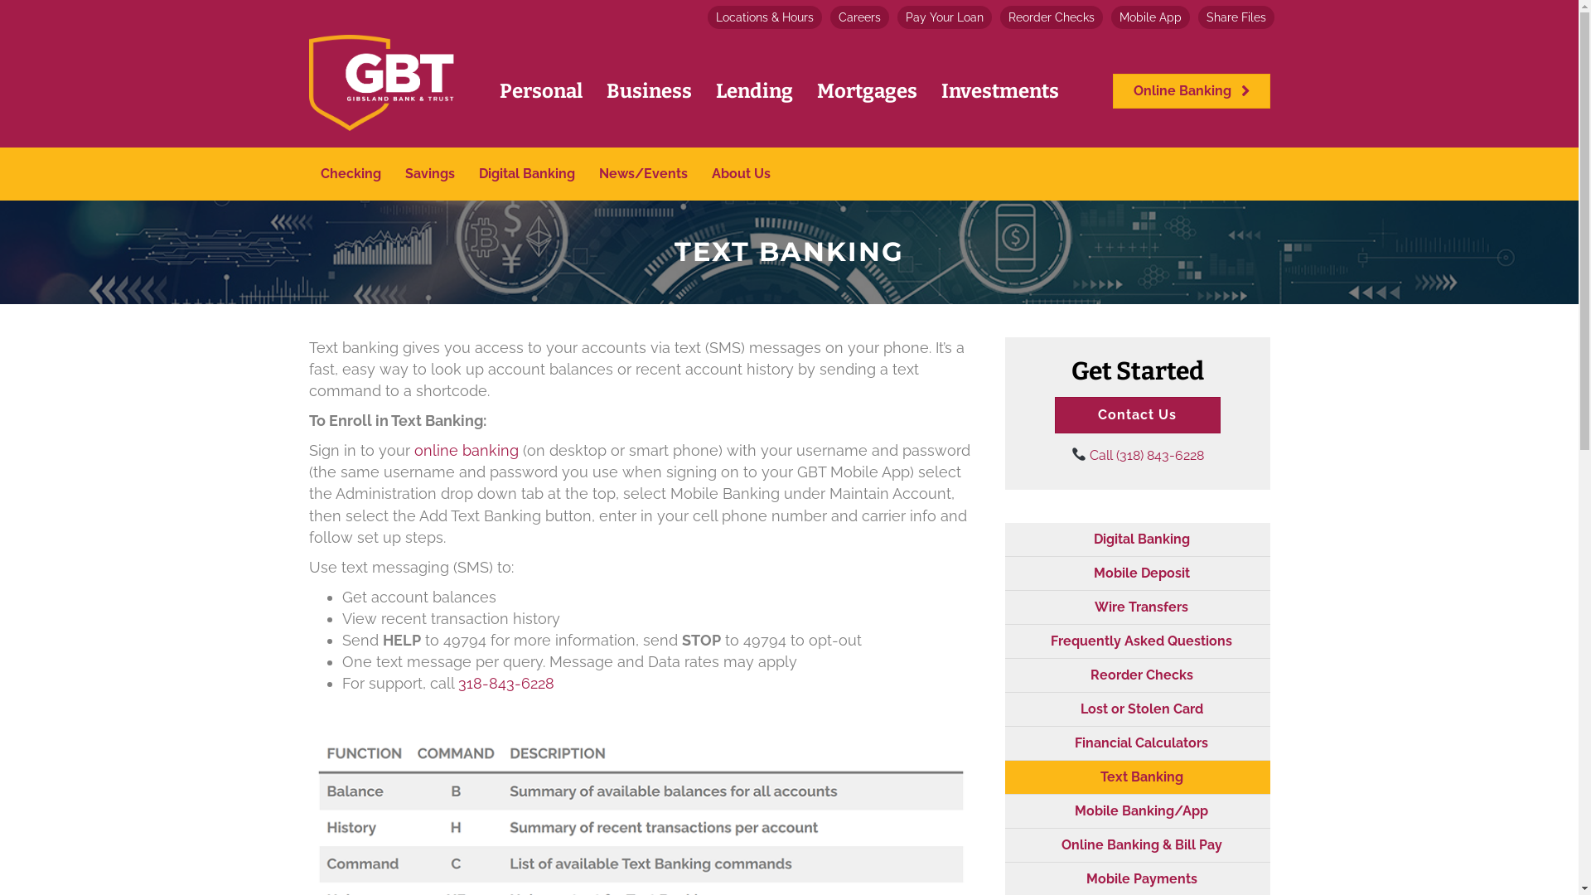 Image resolution: width=1591 pixels, height=895 pixels. Describe the element at coordinates (1136, 607) in the screenshot. I see `'Wire Transfers'` at that location.